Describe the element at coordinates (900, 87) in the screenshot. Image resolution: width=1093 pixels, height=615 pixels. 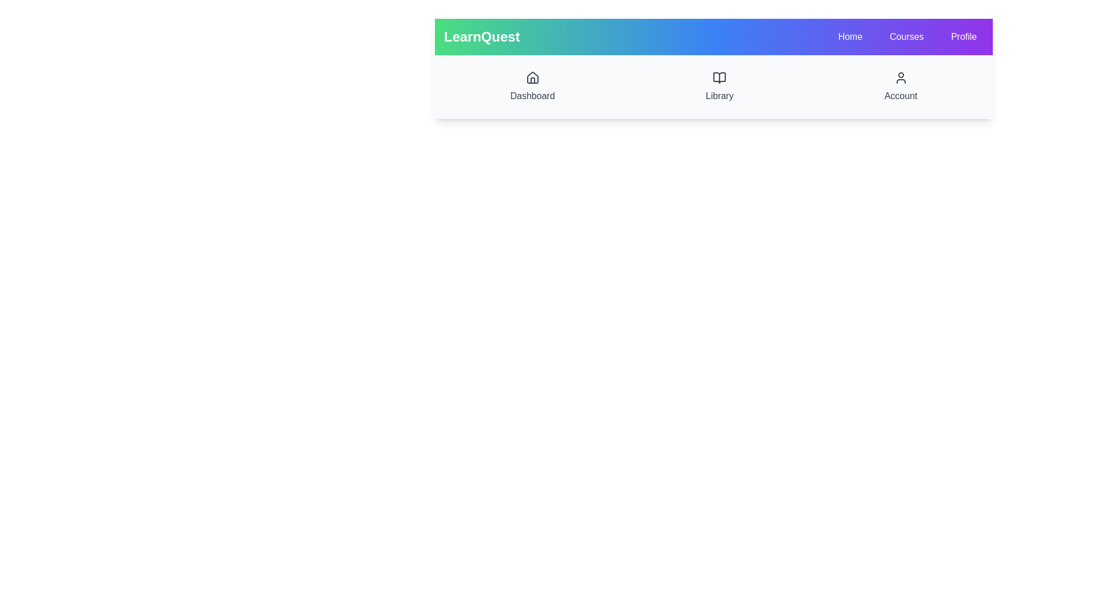
I see `the Account to observe its hover effect` at that location.